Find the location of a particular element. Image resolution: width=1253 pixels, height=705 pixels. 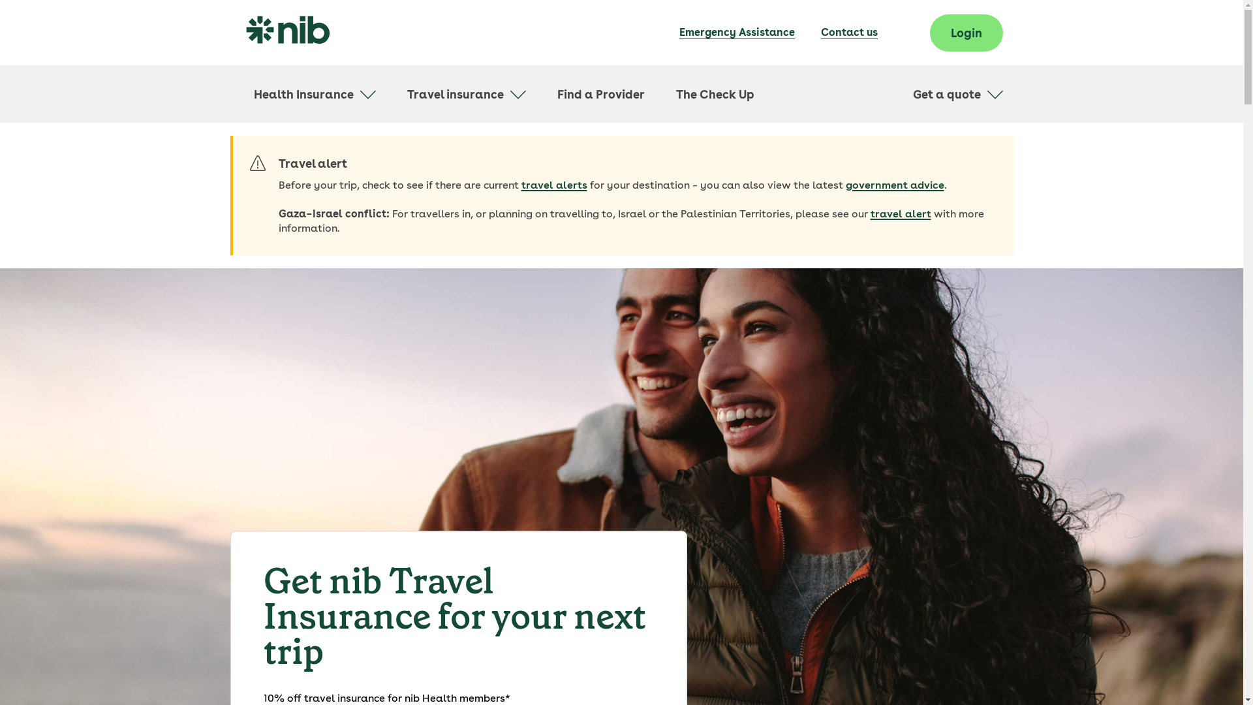

'Get a quote' is located at coordinates (957, 93).